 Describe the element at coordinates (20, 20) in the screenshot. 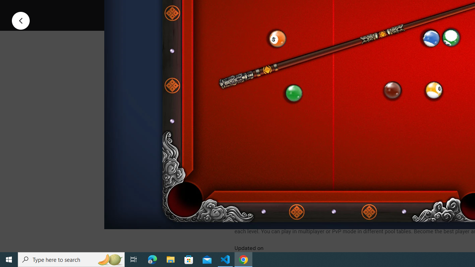

I see `'Previous'` at that location.